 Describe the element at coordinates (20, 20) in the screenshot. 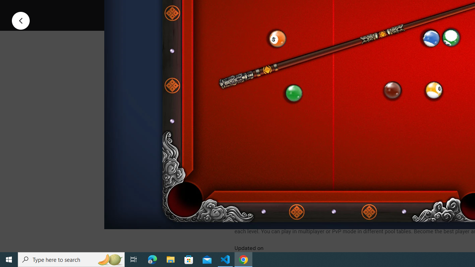

I see `'Previous'` at that location.